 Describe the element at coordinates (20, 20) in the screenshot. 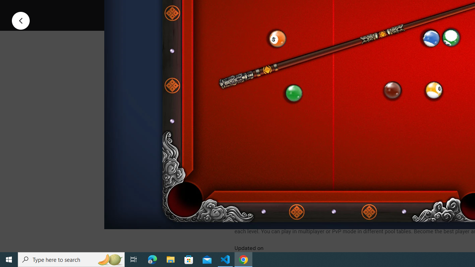

I see `'Previous'` at that location.